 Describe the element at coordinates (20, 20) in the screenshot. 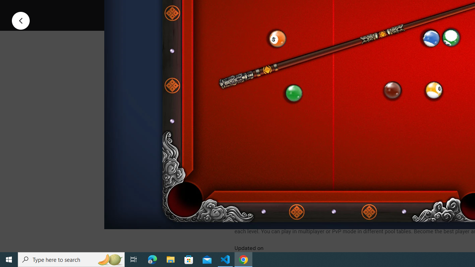

I see `'Previous'` at that location.